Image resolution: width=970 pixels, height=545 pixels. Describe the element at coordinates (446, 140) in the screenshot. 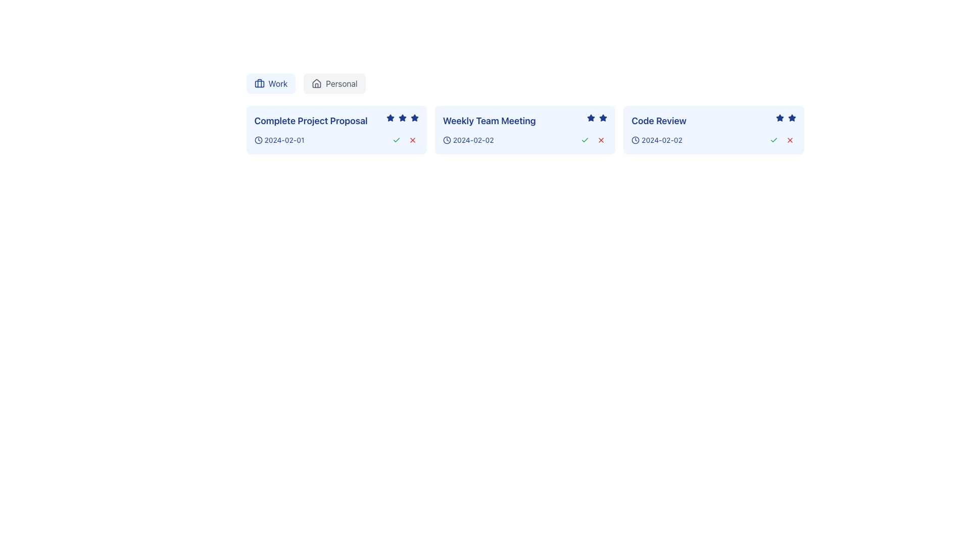

I see `the clock icon located to the left of the date '2024-02-02' in the 'Weekly Team Meeting' card` at that location.